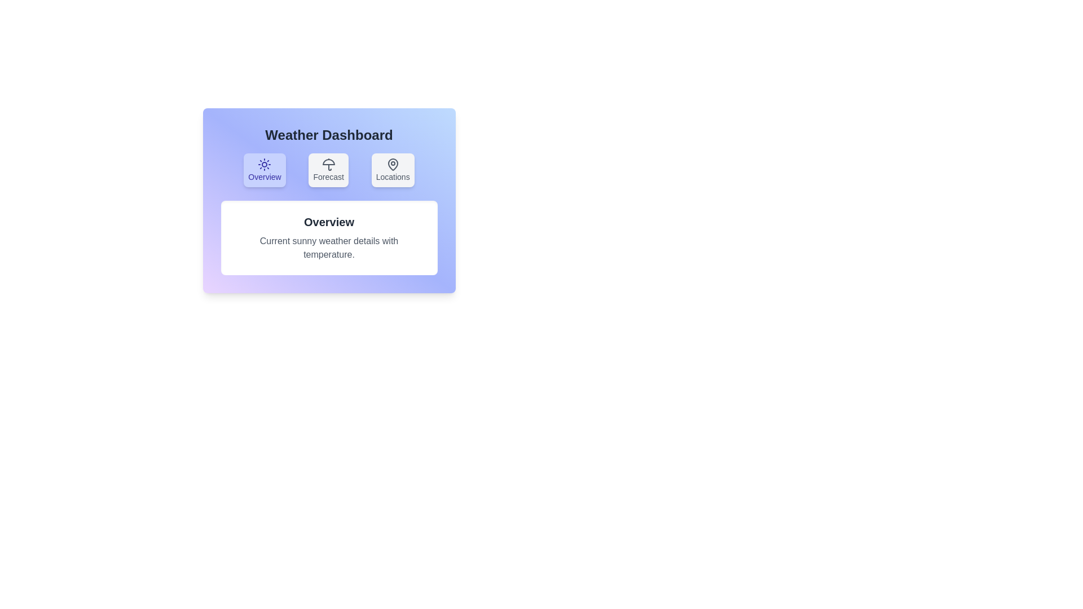 The width and height of the screenshot is (1083, 609). I want to click on the Locations tab by clicking on it, so click(393, 170).